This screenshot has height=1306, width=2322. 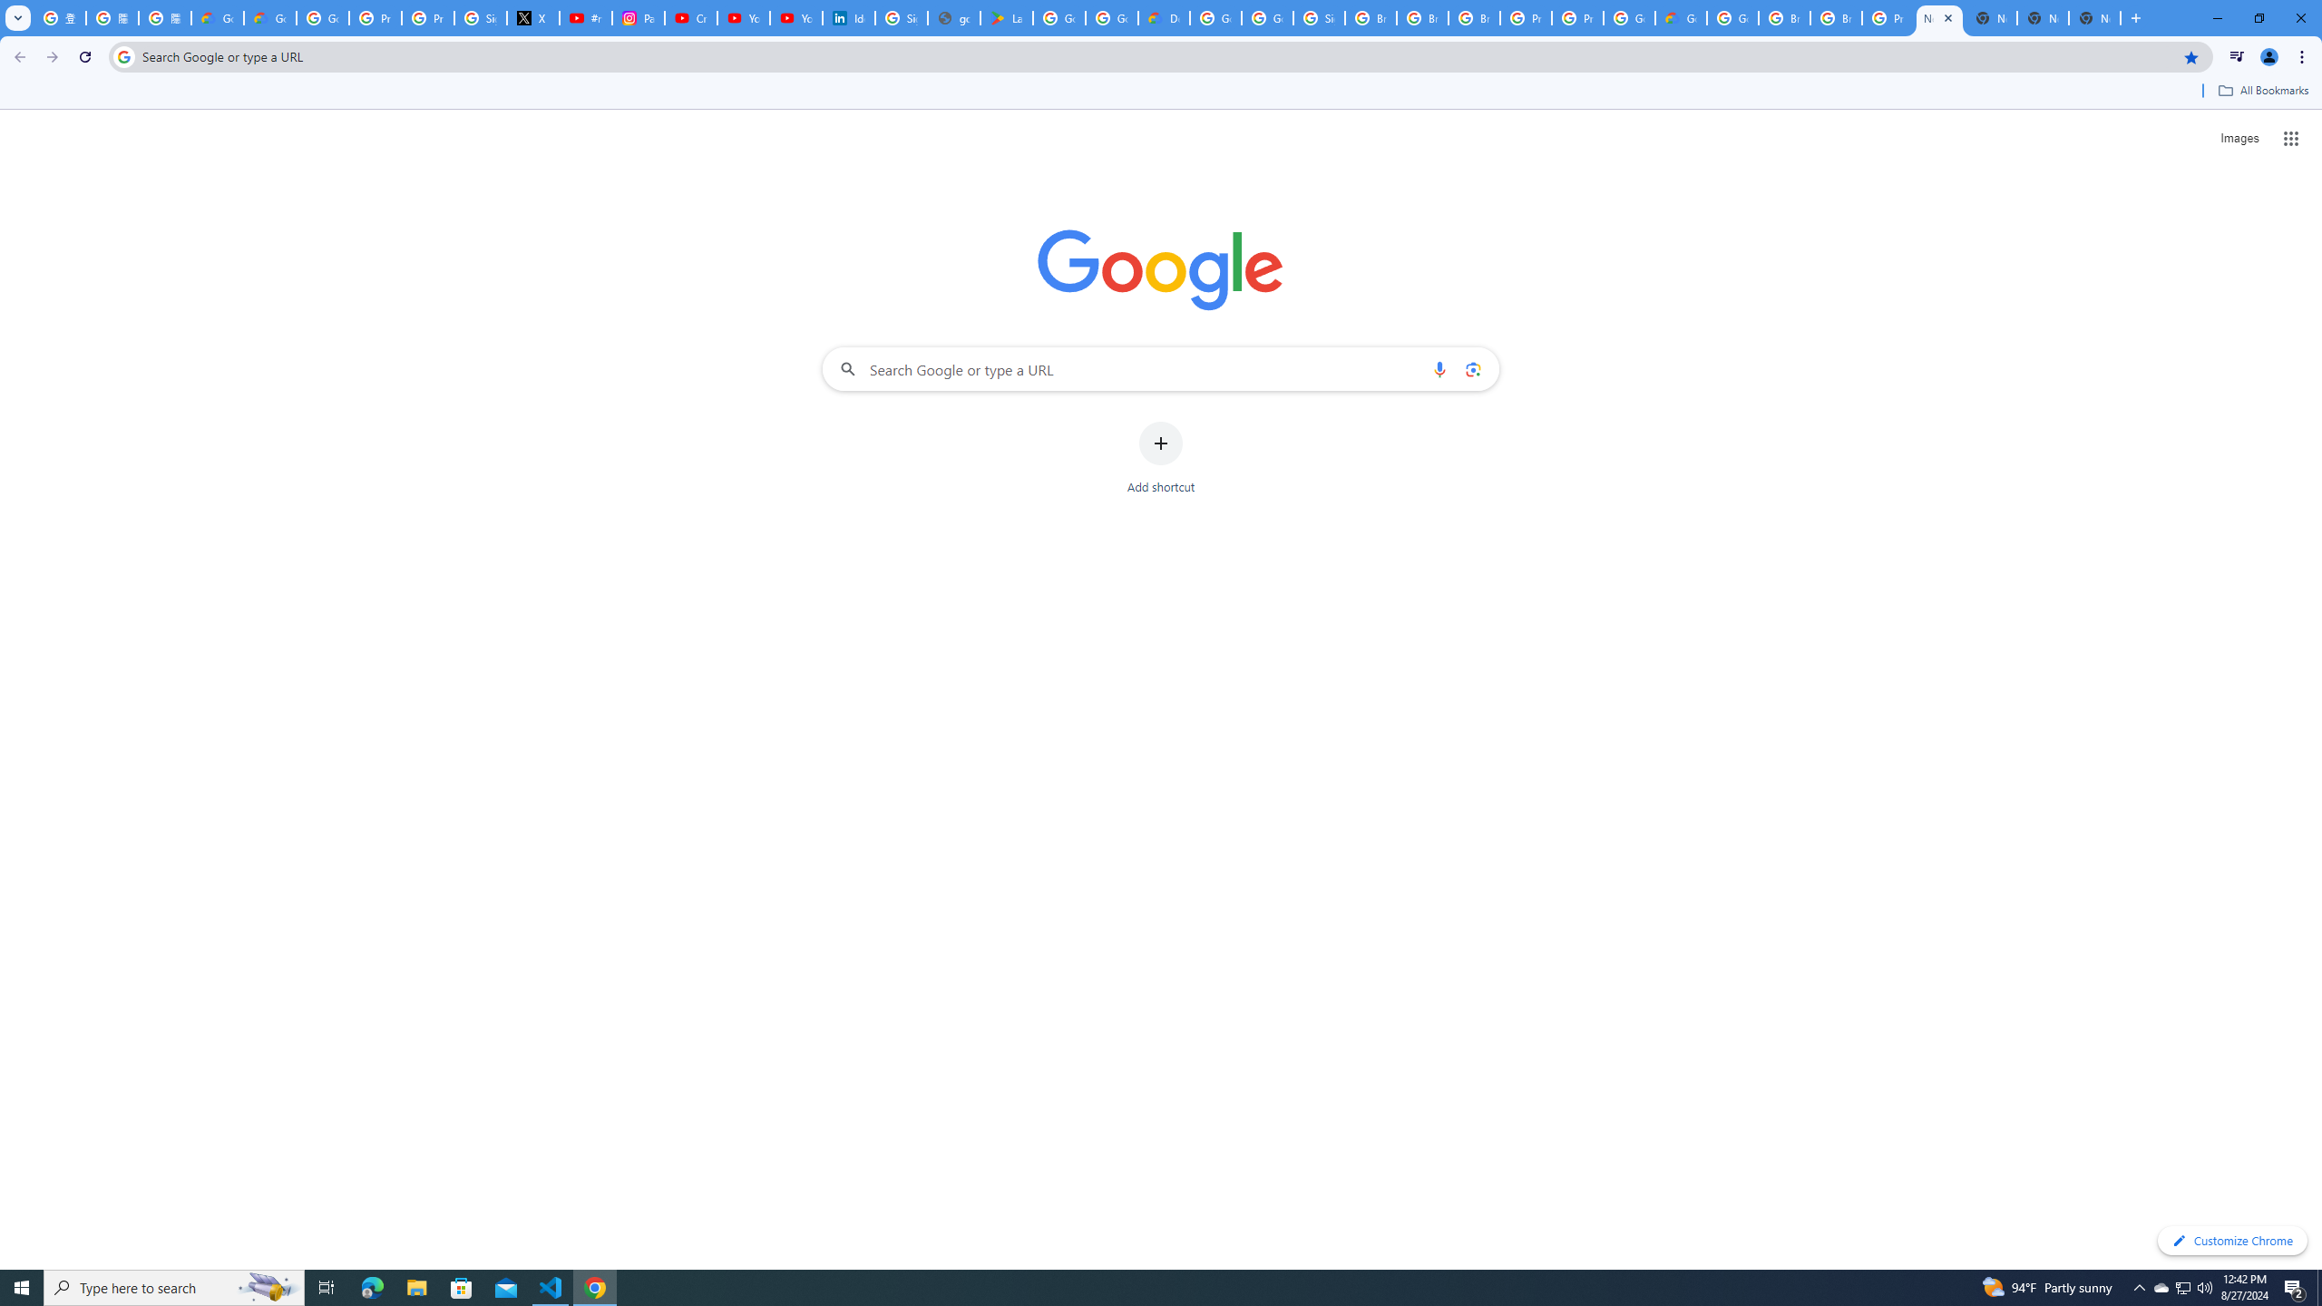 What do you see at coordinates (2232, 1240) in the screenshot?
I see `'Customize Chrome'` at bounding box center [2232, 1240].